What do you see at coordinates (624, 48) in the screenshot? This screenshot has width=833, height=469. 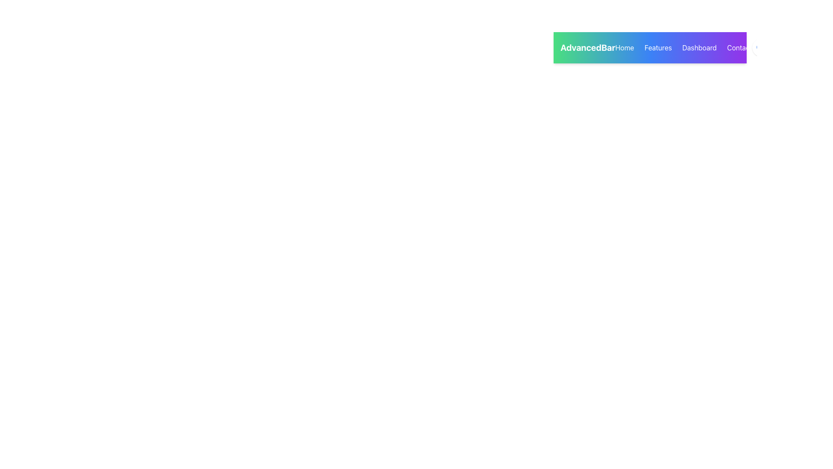 I see `the first navigation link in the top right corner of the interface` at bounding box center [624, 48].